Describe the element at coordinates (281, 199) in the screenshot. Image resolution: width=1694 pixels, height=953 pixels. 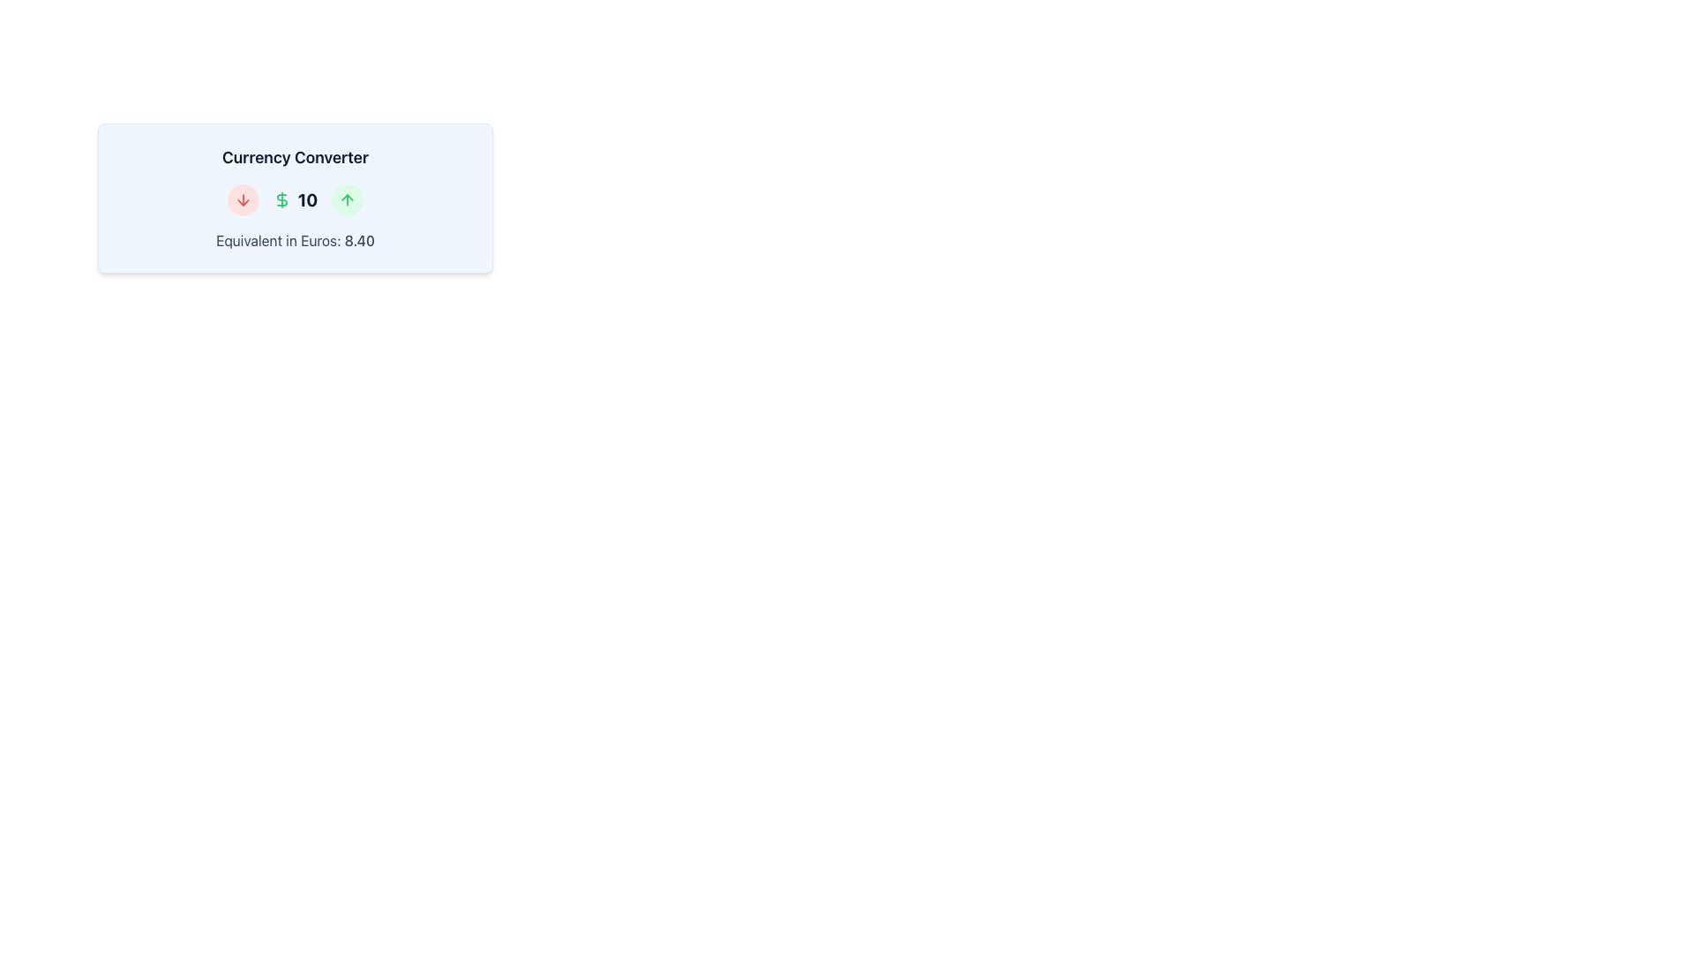
I see `the monetary value icon located to the left of the number '10' in the center of the card-like component` at that location.